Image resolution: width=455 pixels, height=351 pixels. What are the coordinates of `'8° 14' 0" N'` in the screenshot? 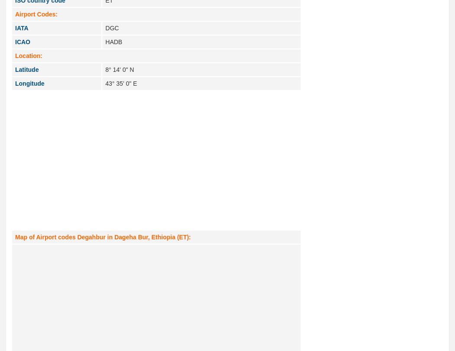 It's located at (105, 69).